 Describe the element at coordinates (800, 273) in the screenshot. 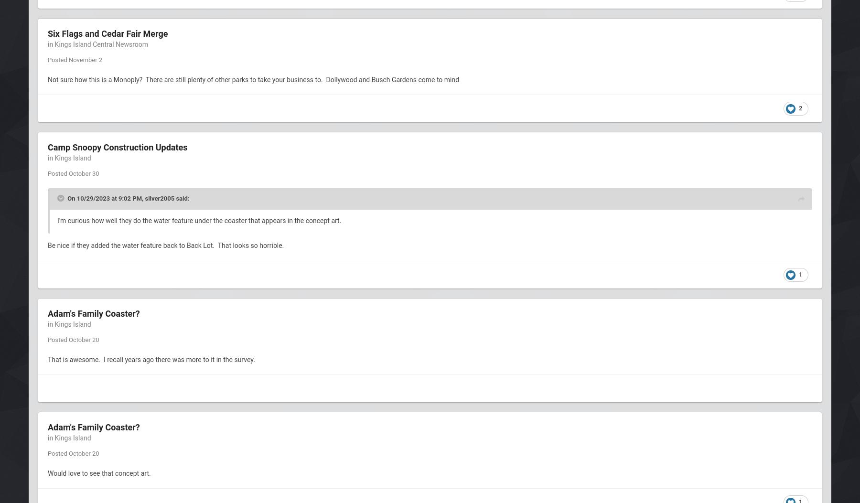

I see `'1'` at that location.